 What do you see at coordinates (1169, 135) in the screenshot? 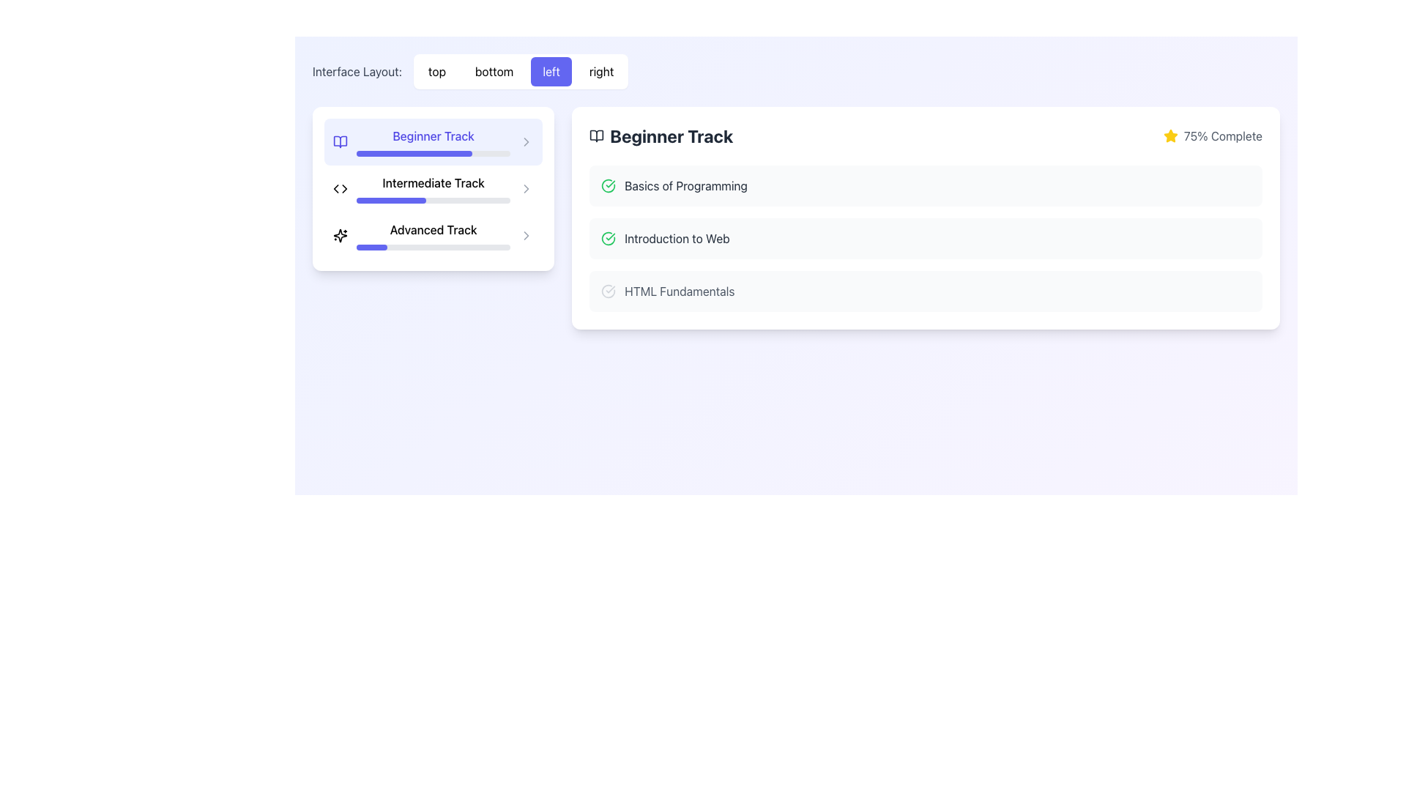
I see `the star-shaped icon with a yellow fill and black outline, which symbolizes a 'favorite' functionality, located to the left of the '75% Complete' text label in the top-right corner of the card` at bounding box center [1169, 135].